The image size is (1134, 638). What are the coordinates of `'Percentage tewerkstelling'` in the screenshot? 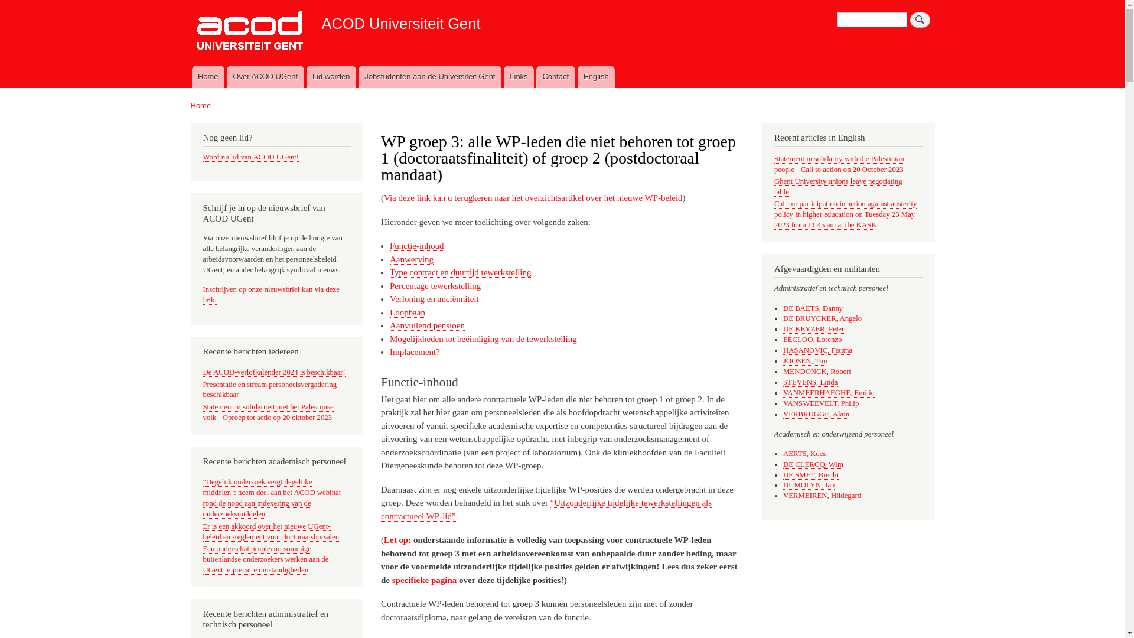 It's located at (435, 286).